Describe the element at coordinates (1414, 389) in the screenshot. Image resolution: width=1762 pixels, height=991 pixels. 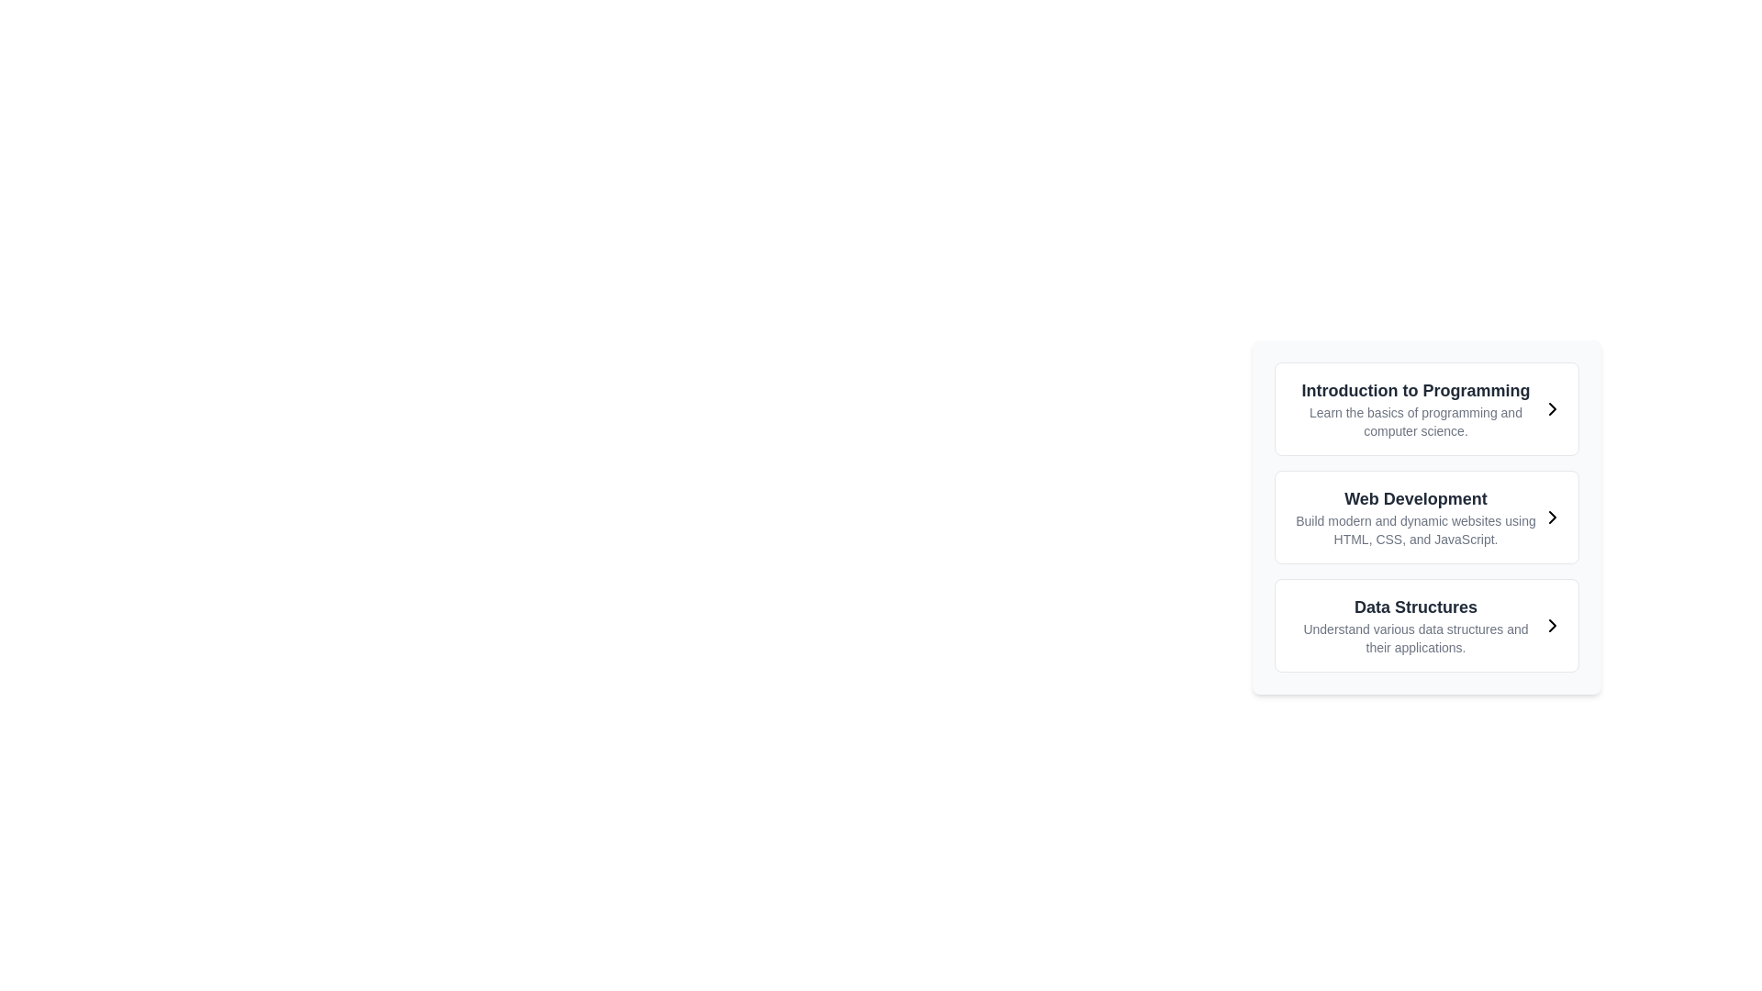
I see `the static text label or heading that serves as the main title for the menu item, located at the top-left of the menu box in the central UI region` at that location.